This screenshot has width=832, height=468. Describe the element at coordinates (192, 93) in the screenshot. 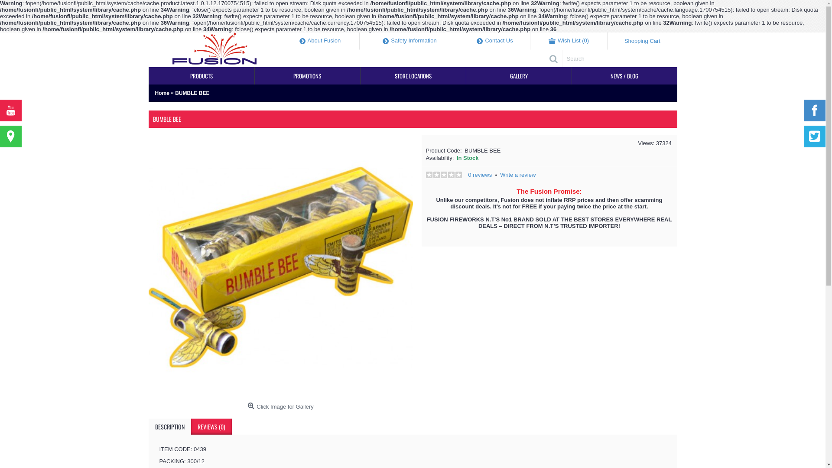

I see `'BUMBLE BEE'` at that location.